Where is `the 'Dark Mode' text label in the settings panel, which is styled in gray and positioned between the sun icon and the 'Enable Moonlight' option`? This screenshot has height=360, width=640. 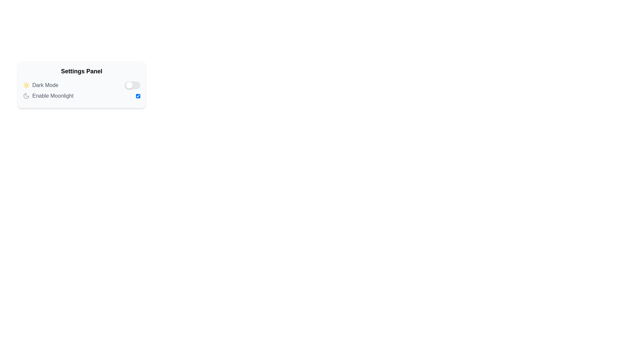 the 'Dark Mode' text label in the settings panel, which is styled in gray and positioned between the sun icon and the 'Enable Moonlight' option is located at coordinates (45, 85).